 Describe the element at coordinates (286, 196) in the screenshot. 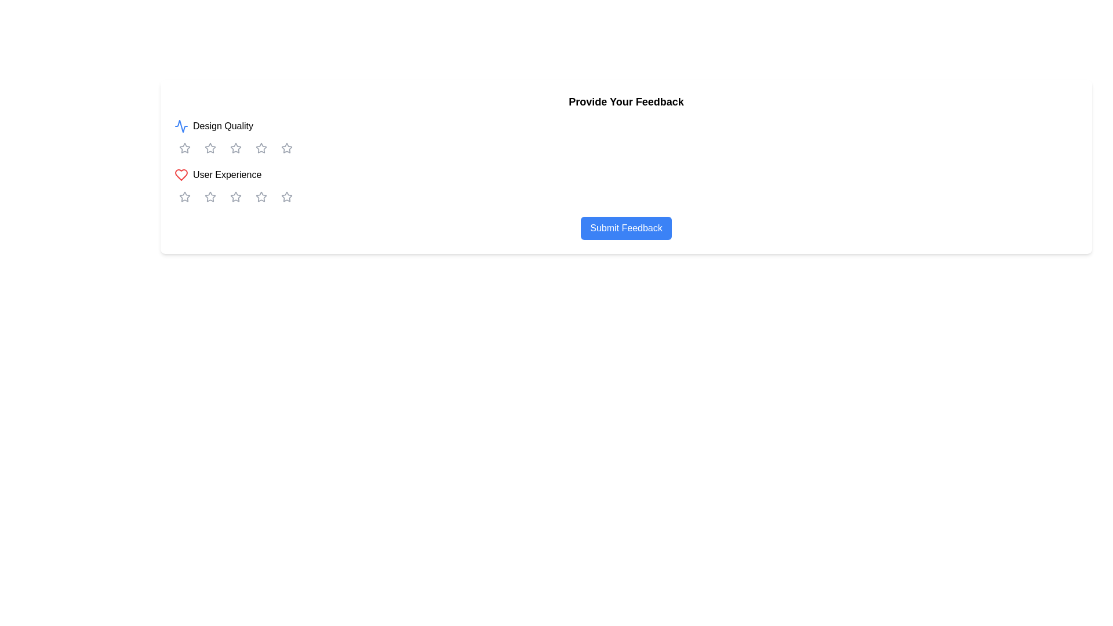

I see `the fifth interactive star icon used for rating` at that location.